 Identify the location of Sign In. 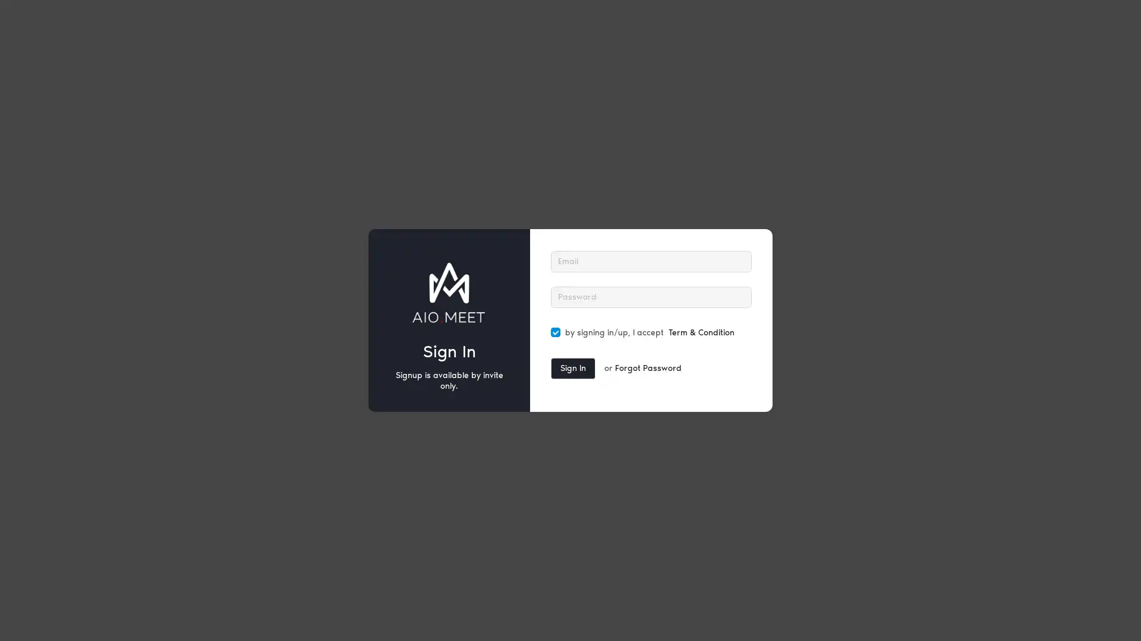
(573, 368).